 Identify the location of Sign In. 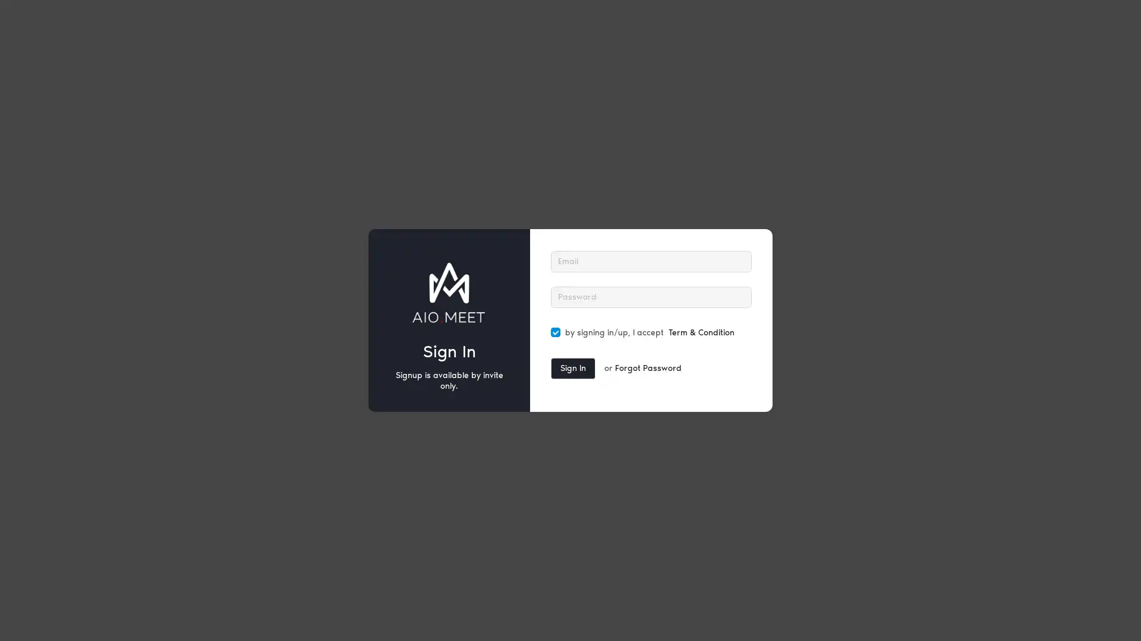
(573, 368).